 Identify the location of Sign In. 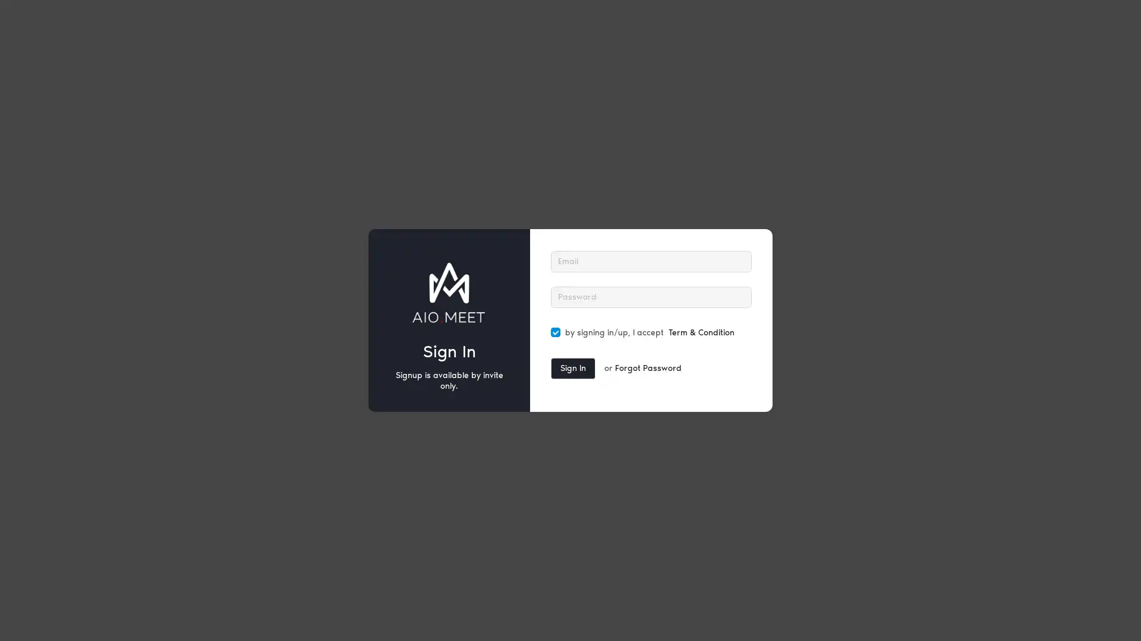
(573, 368).